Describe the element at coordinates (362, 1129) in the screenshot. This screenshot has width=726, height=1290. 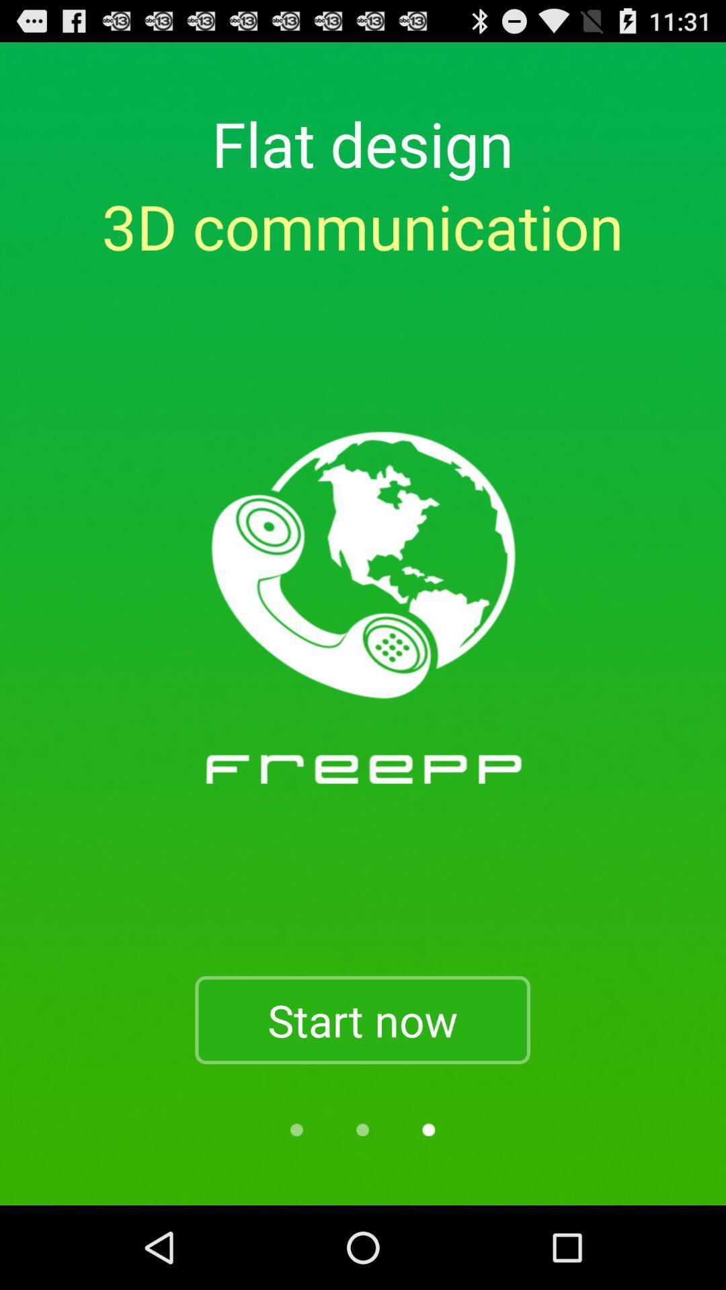
I see `page two` at that location.